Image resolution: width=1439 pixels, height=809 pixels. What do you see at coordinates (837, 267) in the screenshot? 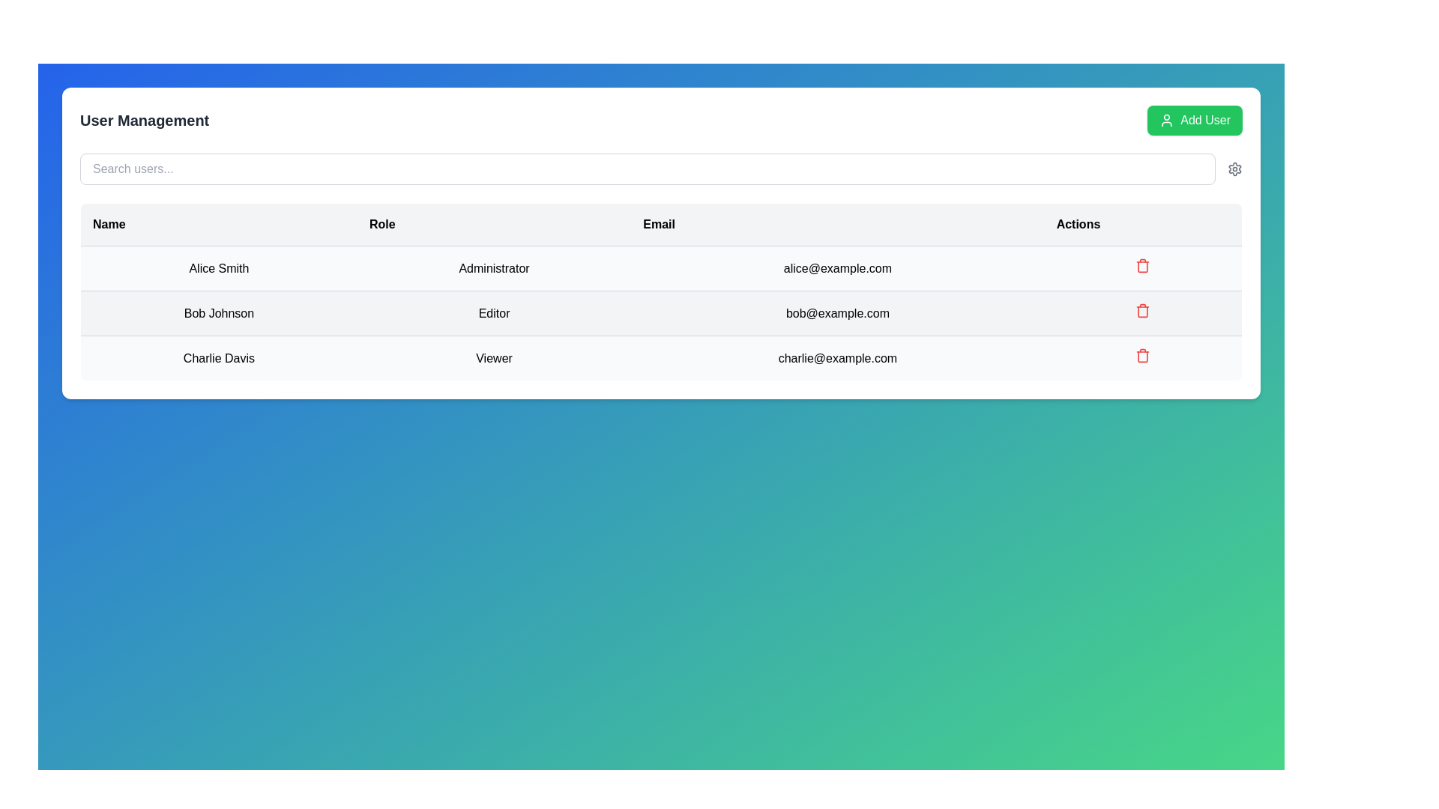
I see `the Text label displaying the contact email address for user 'Alice Smith', located in the third column of the user data table under the 'Email' header` at bounding box center [837, 267].